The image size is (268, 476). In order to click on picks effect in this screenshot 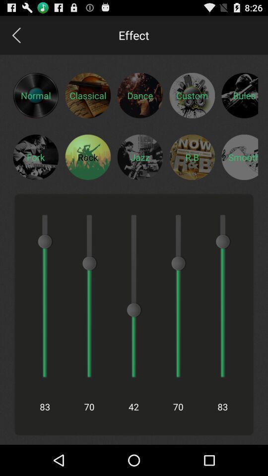, I will do `click(239, 95)`.